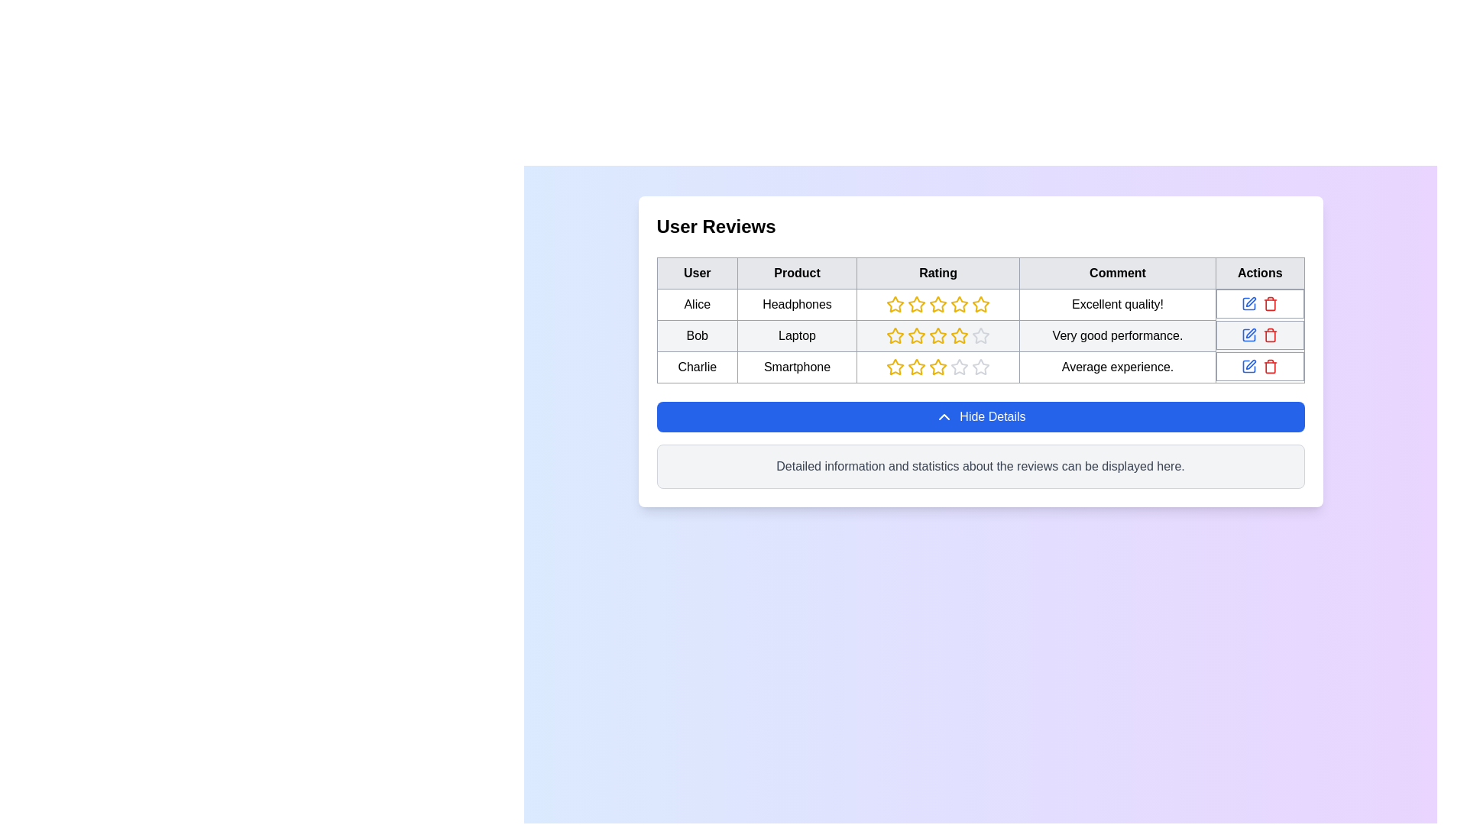 The image size is (1467, 825). What do you see at coordinates (980, 335) in the screenshot?
I see `comment in the second row of the 'User Reviews' table, which contains the user's name 'Bob', product 'Laptop', rating of four yellow stars and one gray star, and the comment 'Very good performance.'` at bounding box center [980, 335].